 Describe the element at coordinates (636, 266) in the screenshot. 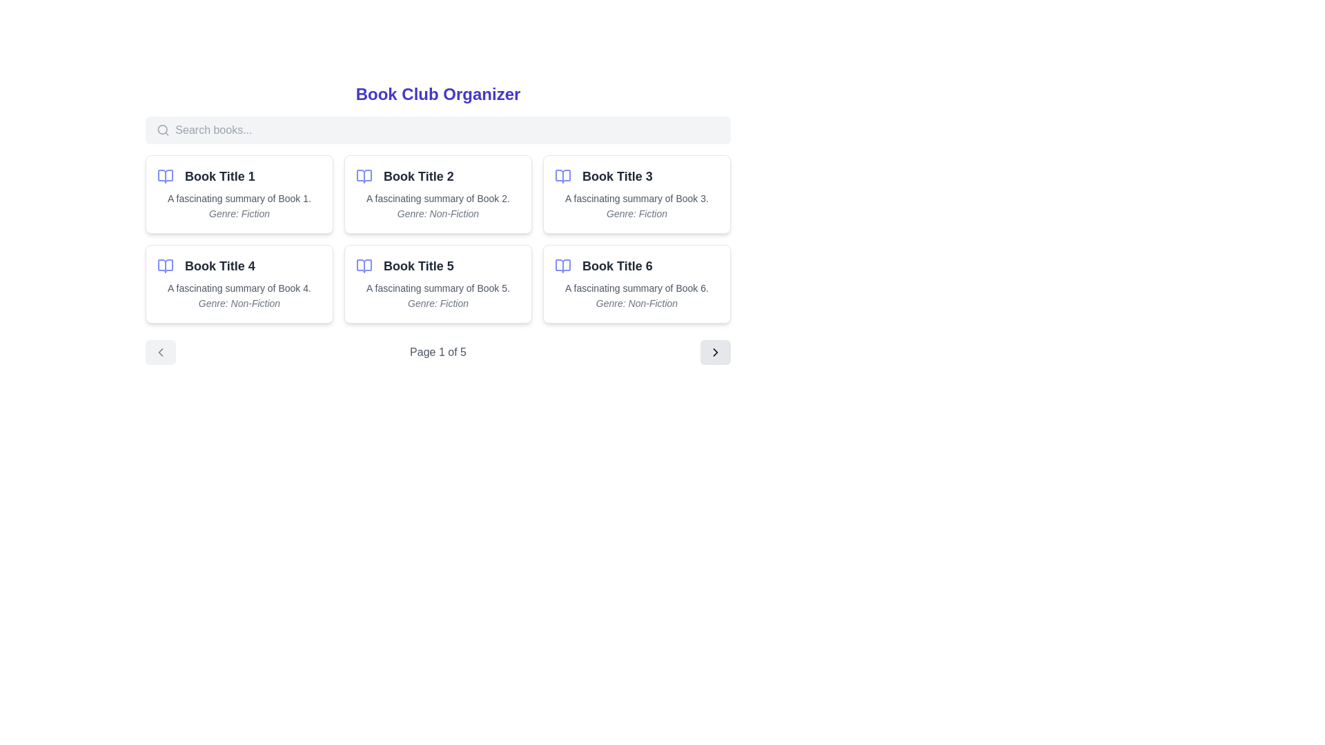

I see `the text label 'Book Title 6' with the accompanying open book icon for keyboard navigation` at that location.